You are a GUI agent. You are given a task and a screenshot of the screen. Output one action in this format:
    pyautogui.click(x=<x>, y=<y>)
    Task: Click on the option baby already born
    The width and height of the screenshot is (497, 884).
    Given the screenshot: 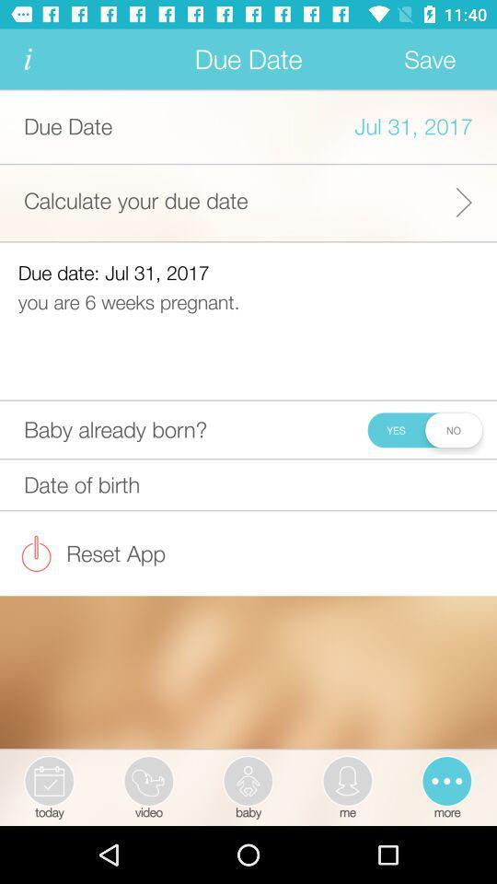 What is the action you would take?
    pyautogui.click(x=424, y=429)
    